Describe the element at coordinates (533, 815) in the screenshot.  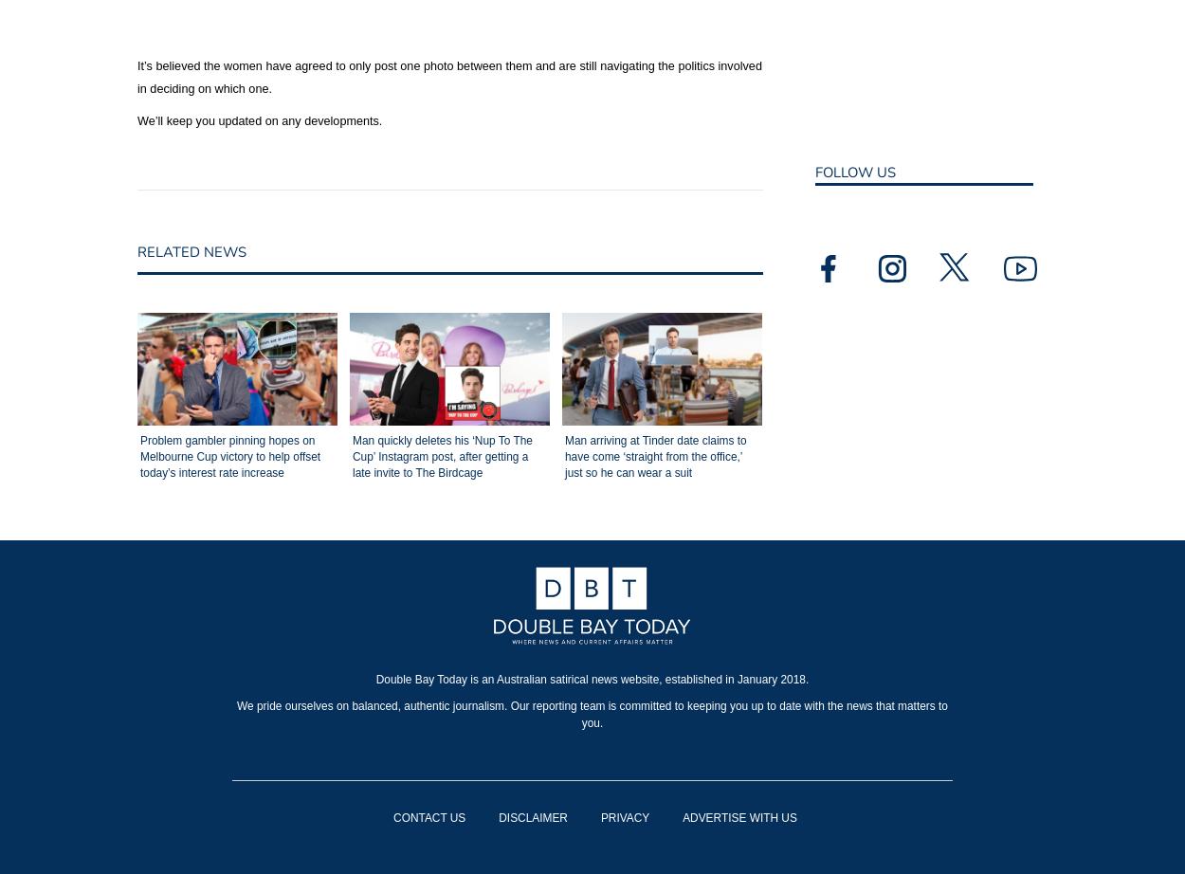
I see `'DISCLAIMER'` at that location.